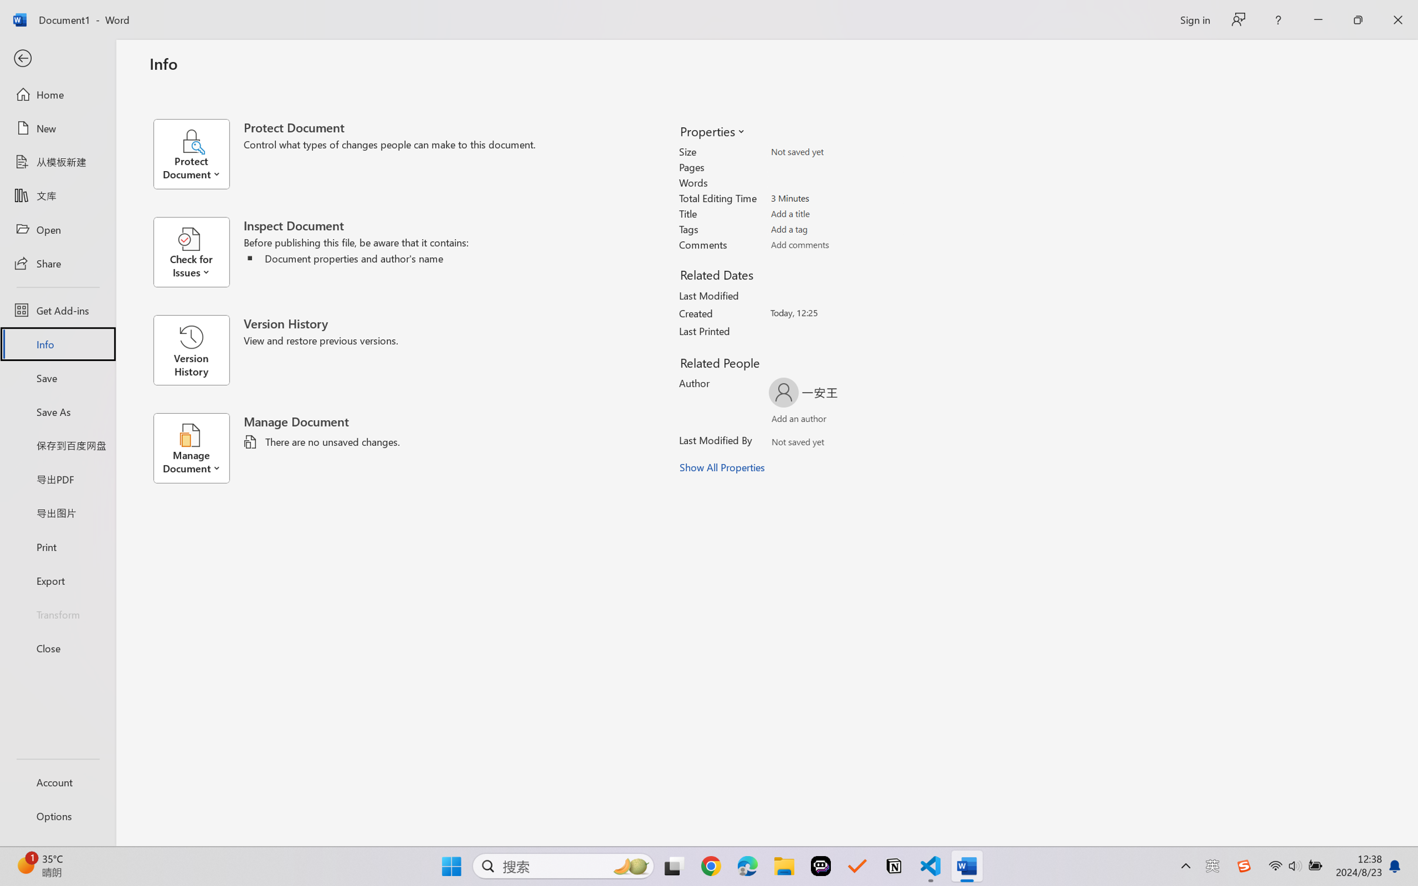 This screenshot has height=886, width=1418. I want to click on 'Properties', so click(711, 131).